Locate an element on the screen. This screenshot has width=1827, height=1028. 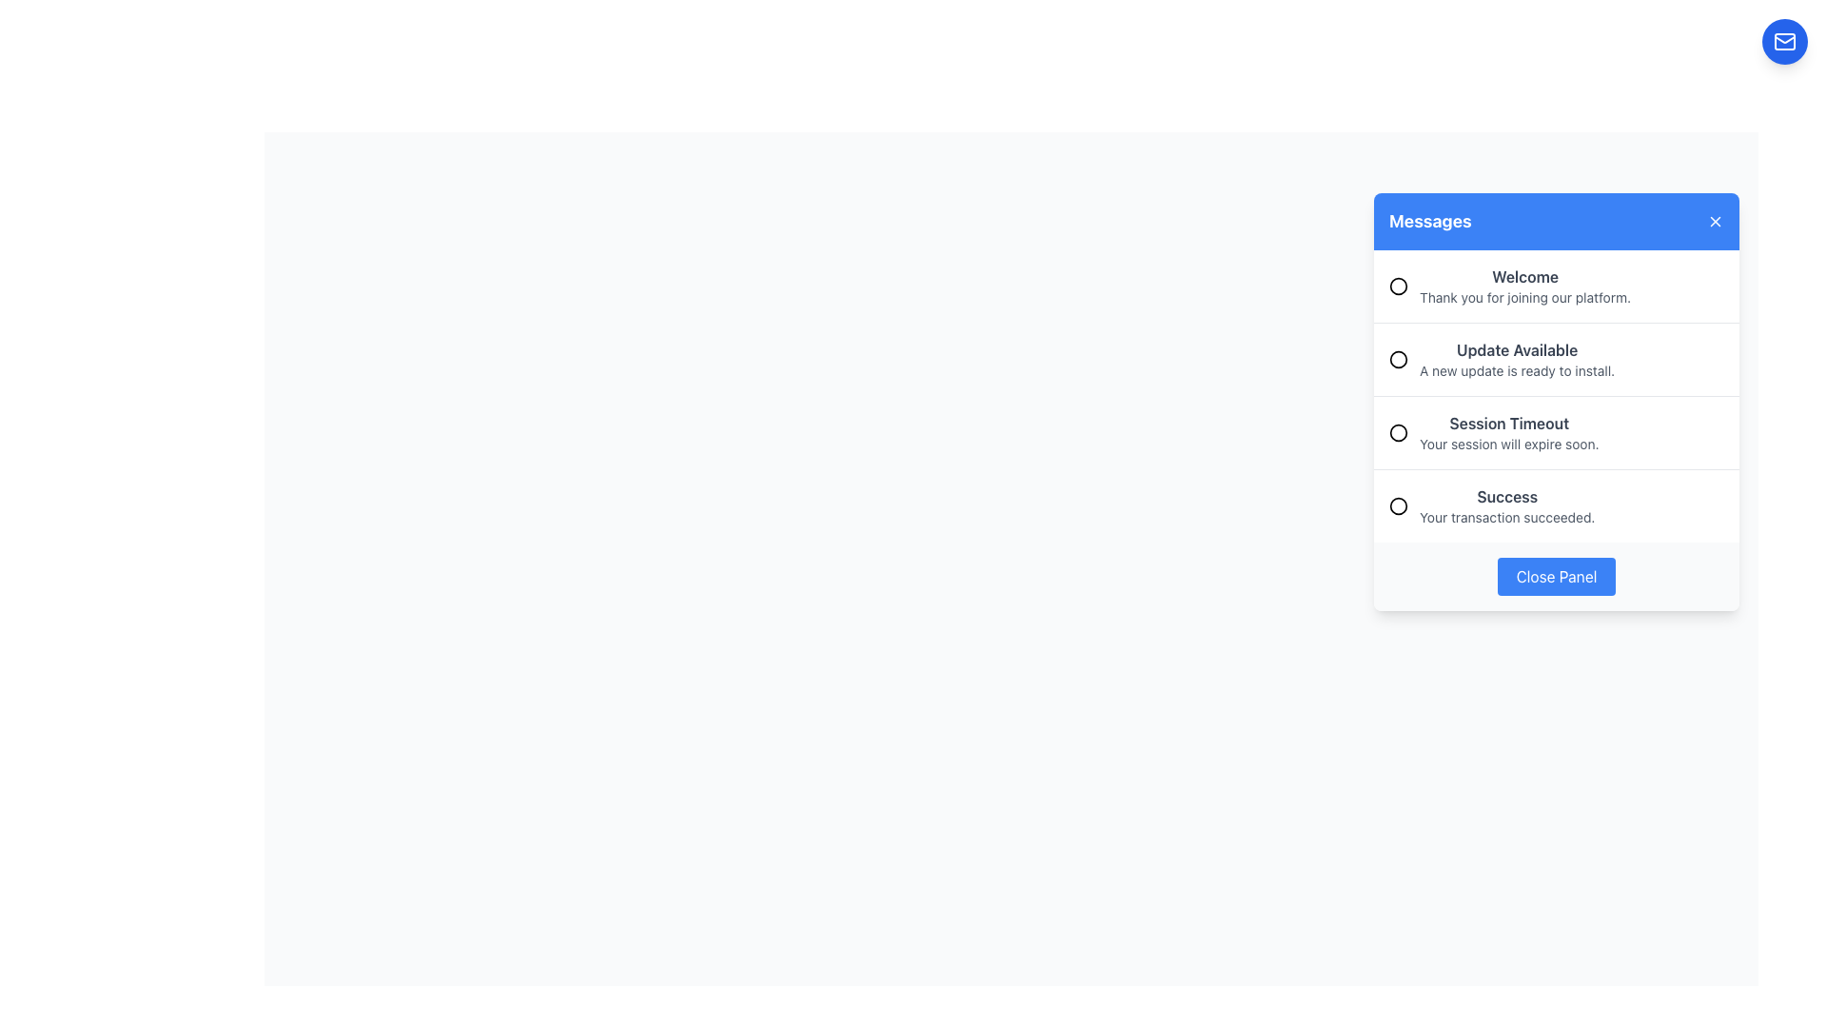
the fourth list item with a green circular icon and bold 'Success' text, located above the 'Close Panel' button is located at coordinates (1557, 504).